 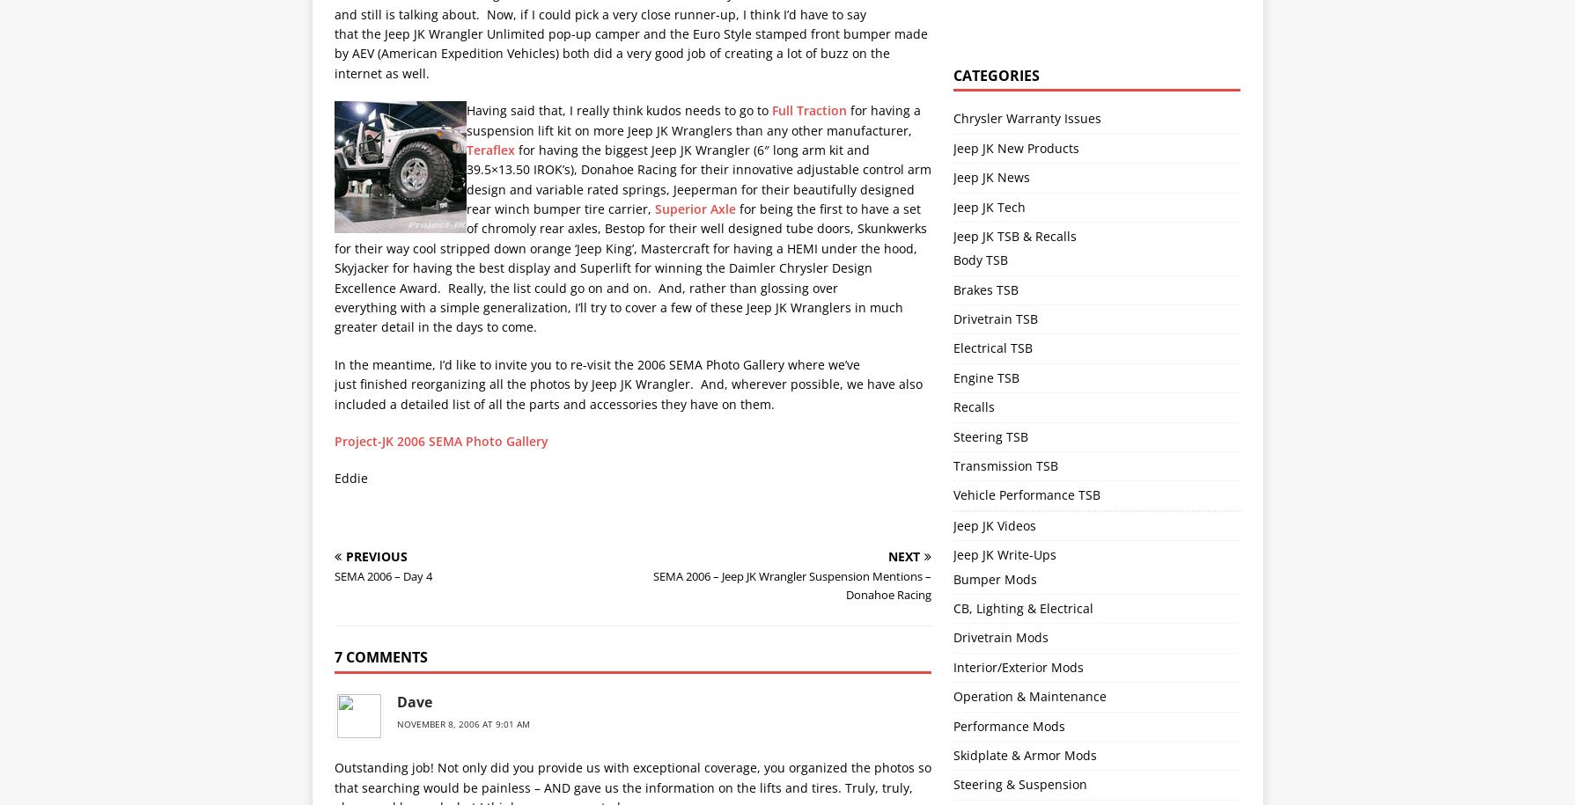 I want to click on 'November 8, 2006 at 9:01 am', so click(x=461, y=723).